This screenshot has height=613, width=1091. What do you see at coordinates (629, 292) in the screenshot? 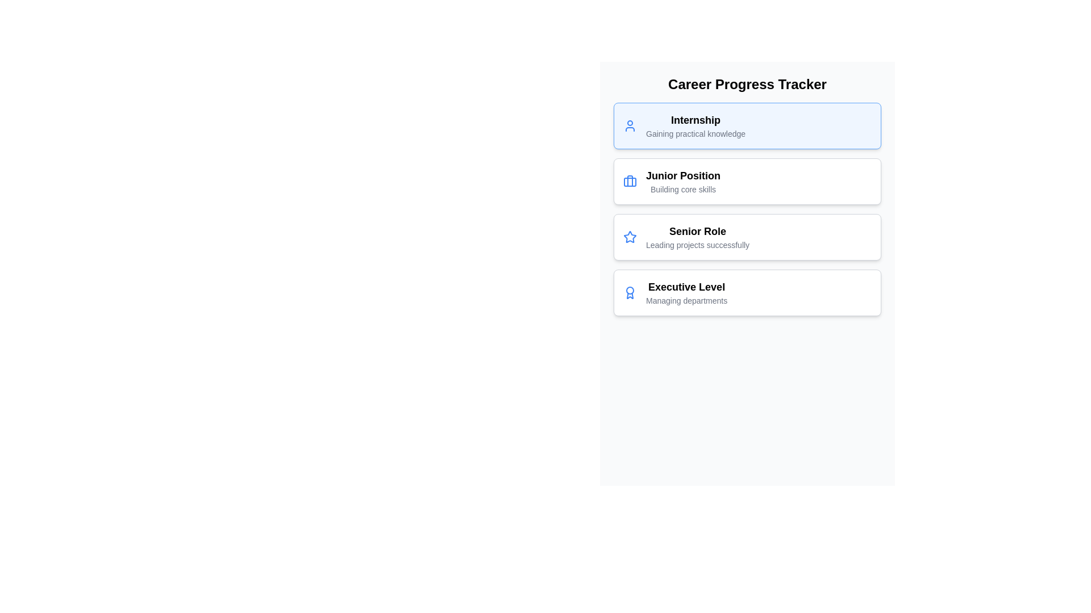
I see `the award icon located within the 'Executive Level' card on the right-hand list, positioned to the left of its textual content` at bounding box center [629, 292].